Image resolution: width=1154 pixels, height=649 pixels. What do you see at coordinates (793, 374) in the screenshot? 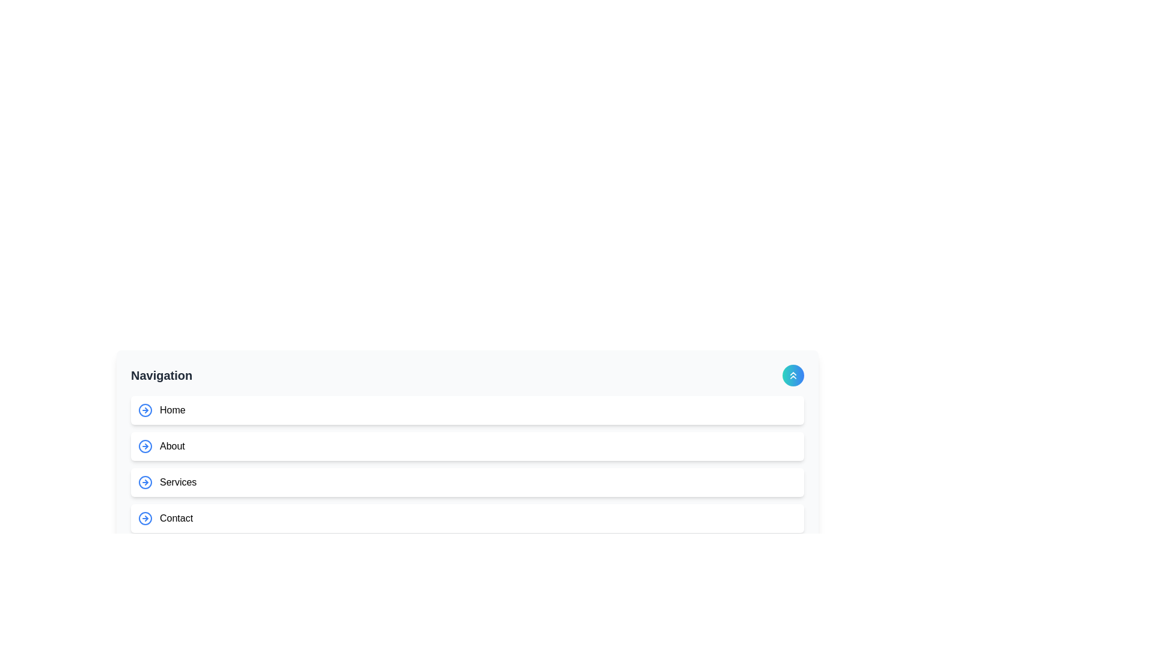
I see `the 'scroll to top' button located at the far right of the 'Navigation' header bar` at bounding box center [793, 374].